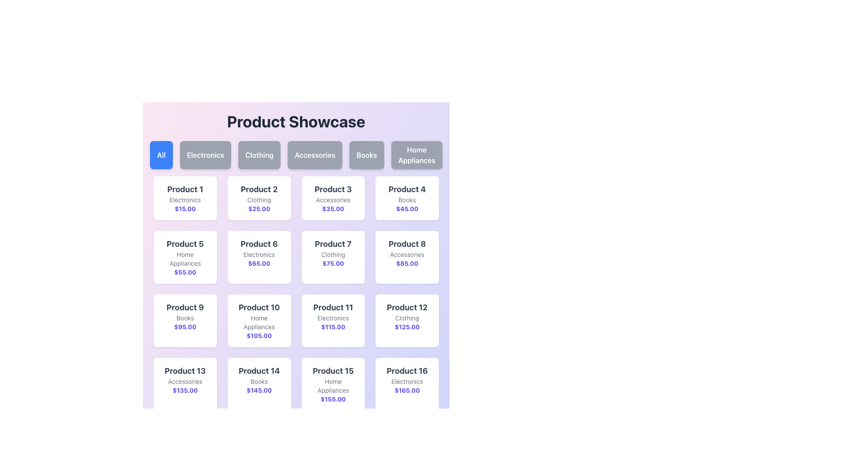 The height and width of the screenshot is (476, 847). What do you see at coordinates (259, 381) in the screenshot?
I see `Text Label indicating the category of the product listed in the card for 'Product 14', which is positioned directly below the product name and above the price information` at bounding box center [259, 381].